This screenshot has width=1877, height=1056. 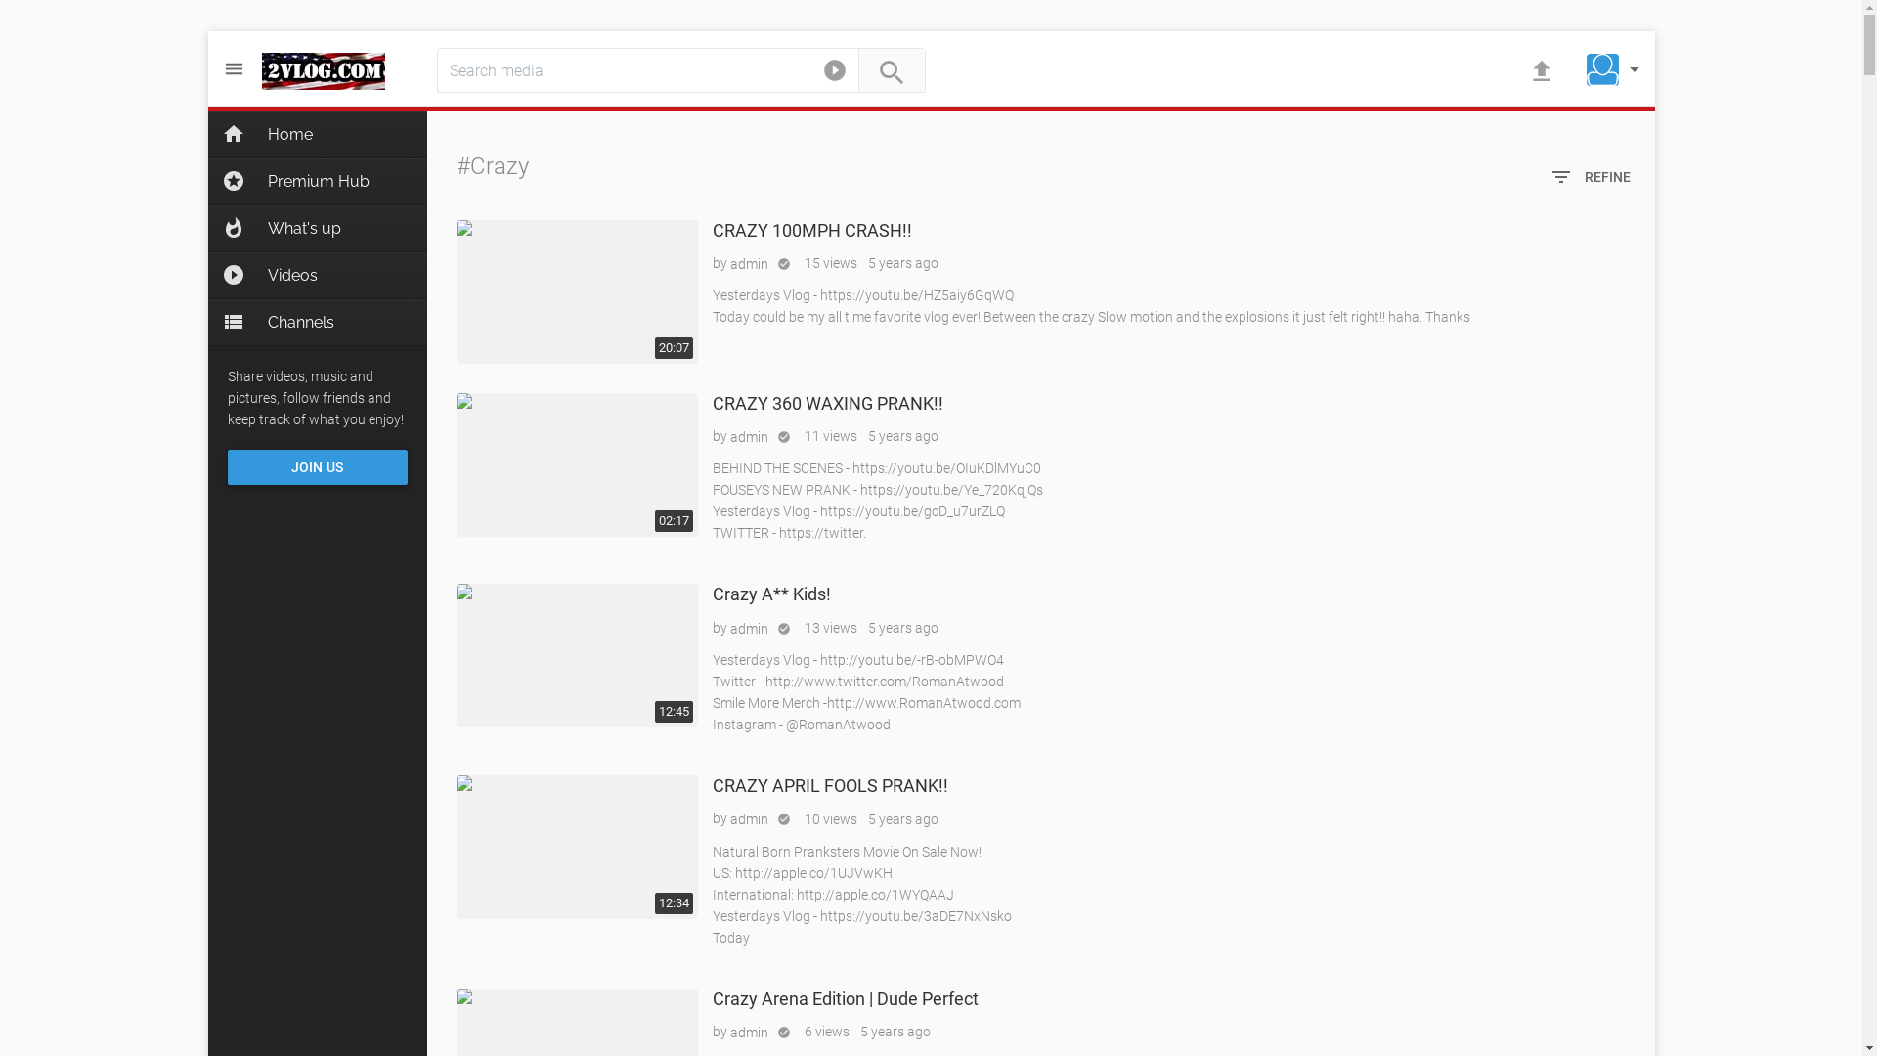 I want to click on 'Crazy A** Kids!', so click(x=769, y=593).